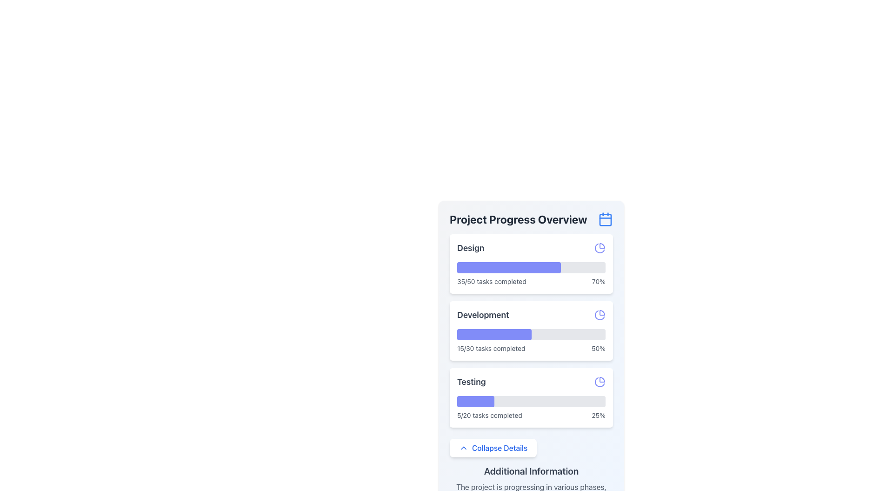 This screenshot has width=893, height=502. I want to click on the second segment of the pie chart icon representing progress in the 'Design' category, located at the top right of the 'Design' card, so click(600, 248).